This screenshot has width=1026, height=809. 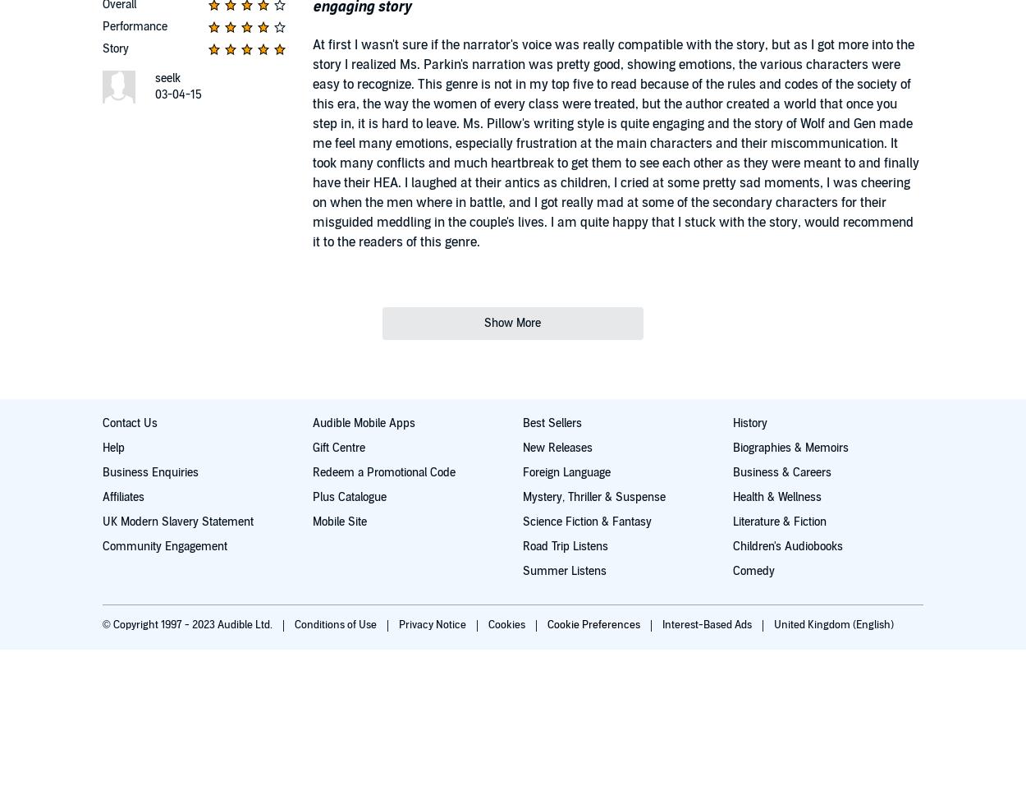 What do you see at coordinates (167, 77) in the screenshot?
I see `'seelk'` at bounding box center [167, 77].